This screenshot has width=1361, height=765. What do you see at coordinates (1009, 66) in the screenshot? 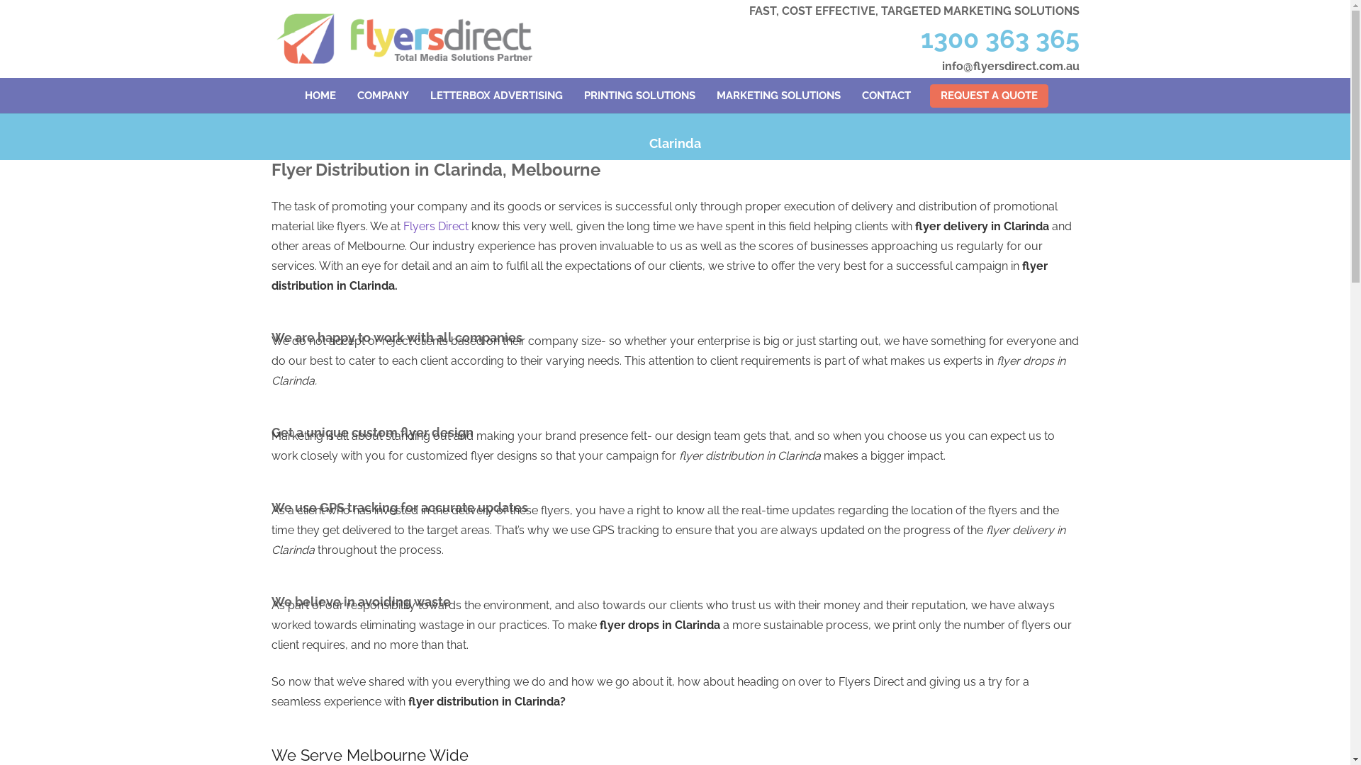
I see `'info@flyersdirect.com.au'` at bounding box center [1009, 66].